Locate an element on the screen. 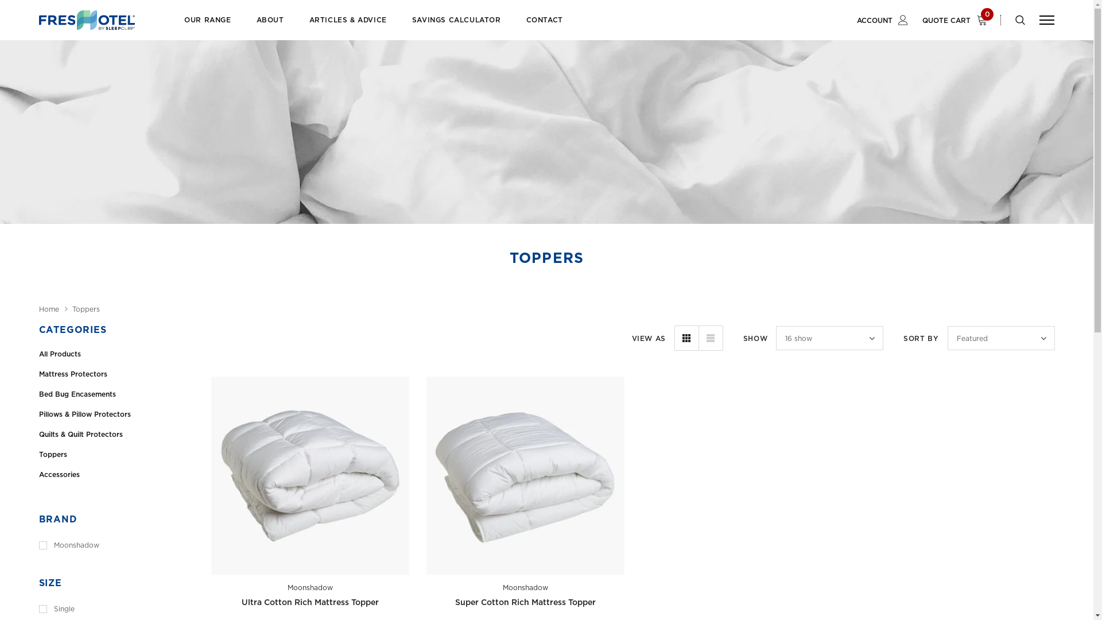 The image size is (1102, 620). 'Home' is located at coordinates (48, 309).